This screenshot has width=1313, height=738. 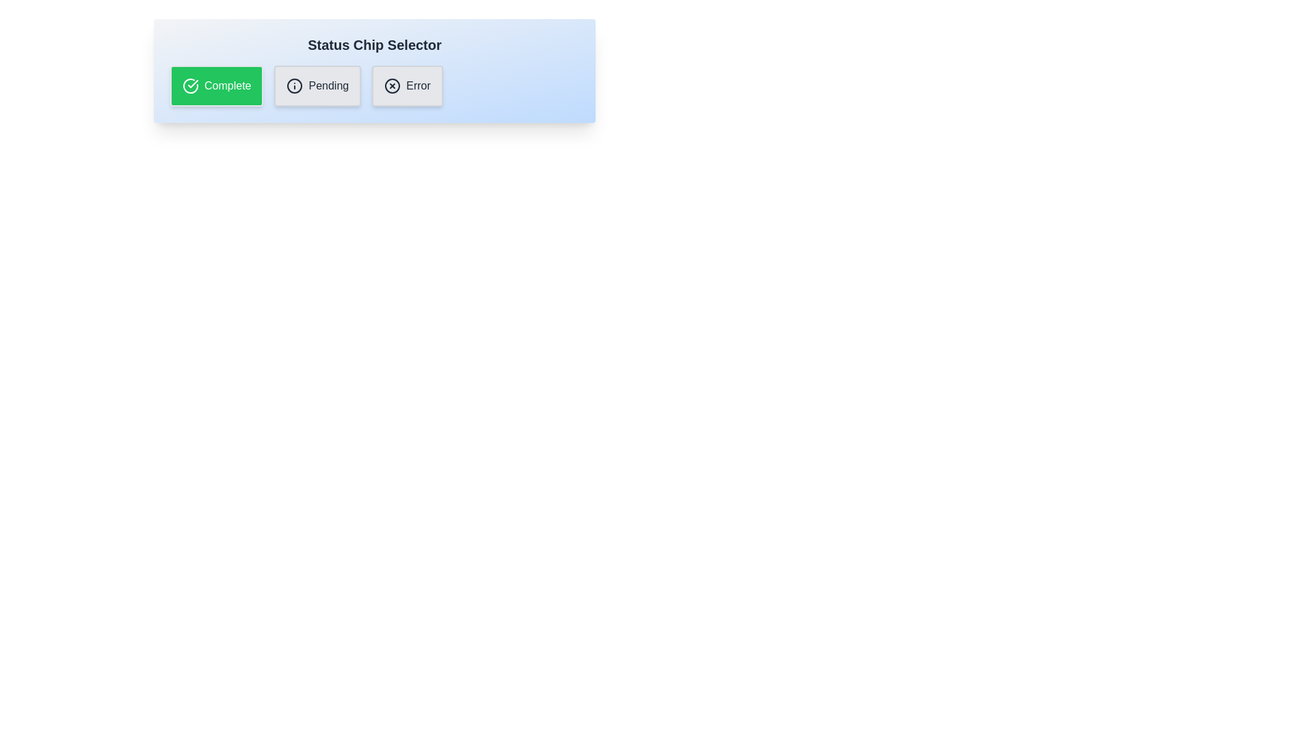 I want to click on the status chip labeled Pending, so click(x=317, y=86).